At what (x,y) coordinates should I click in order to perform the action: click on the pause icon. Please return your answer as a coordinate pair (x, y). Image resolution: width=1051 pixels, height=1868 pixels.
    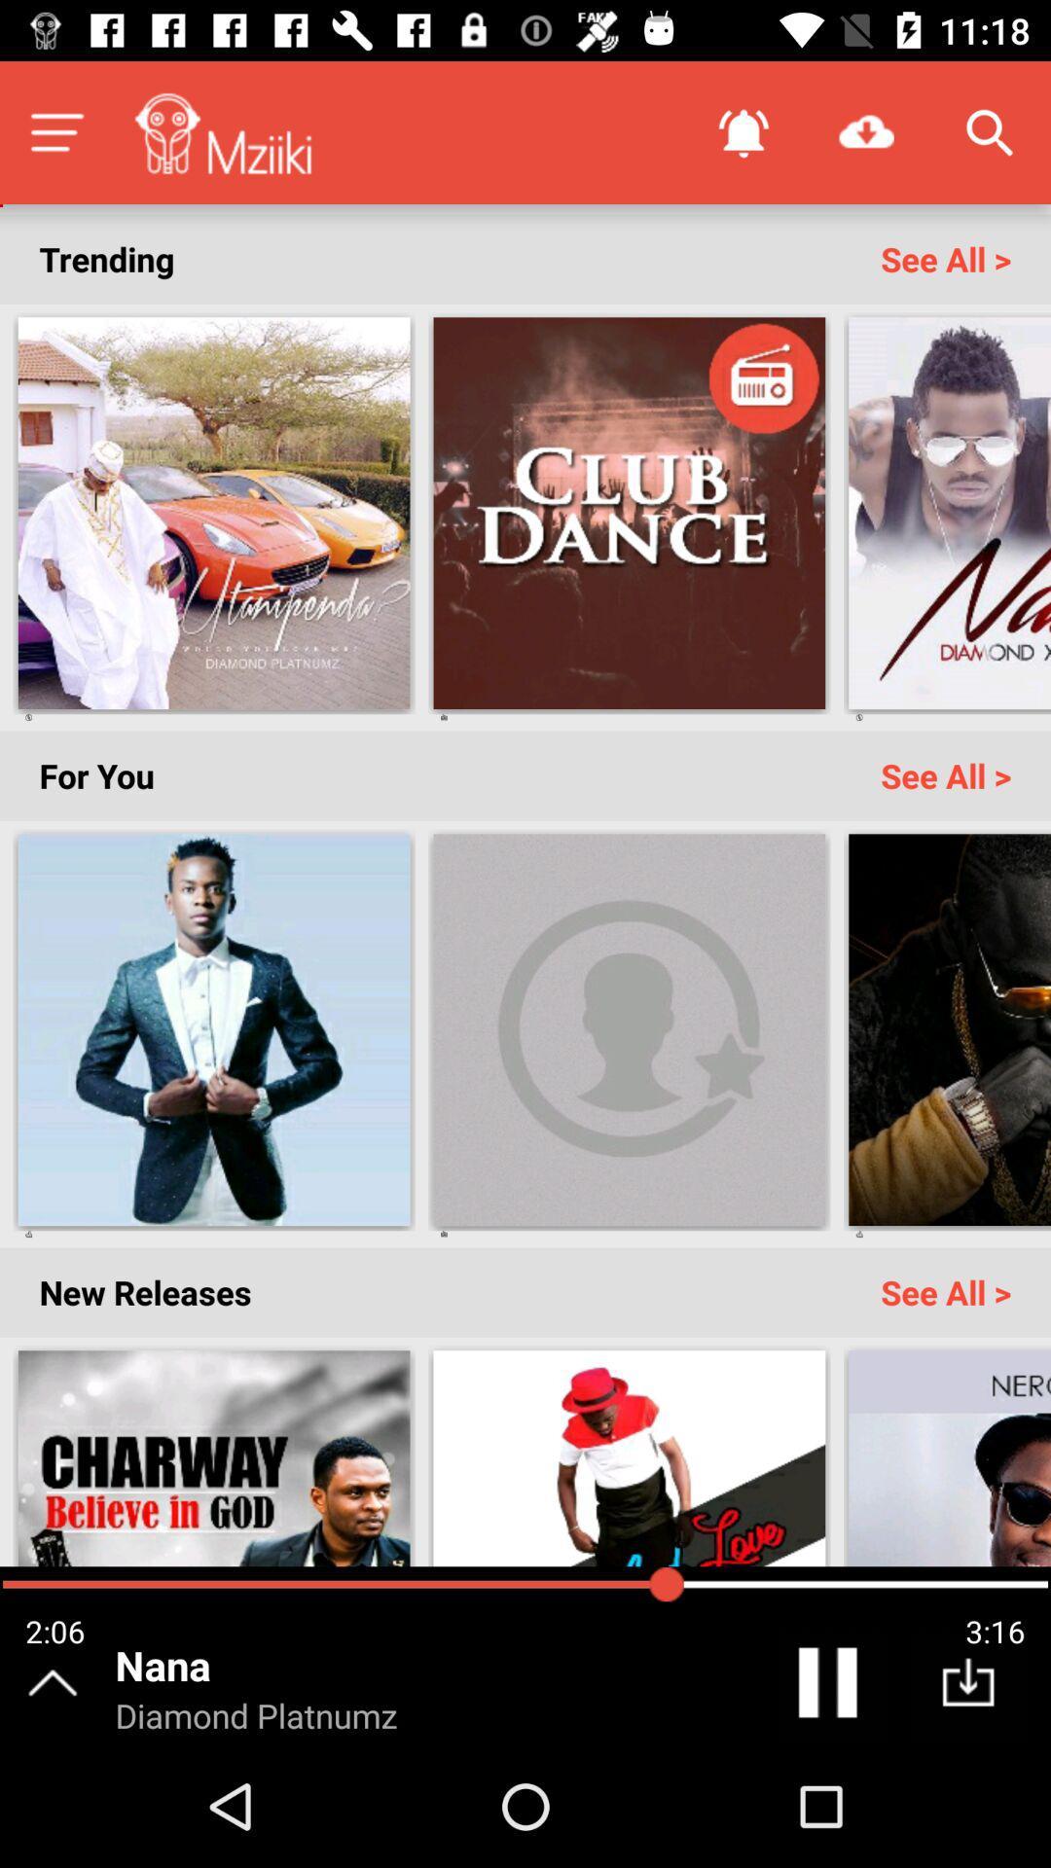
    Looking at the image, I should click on (831, 1686).